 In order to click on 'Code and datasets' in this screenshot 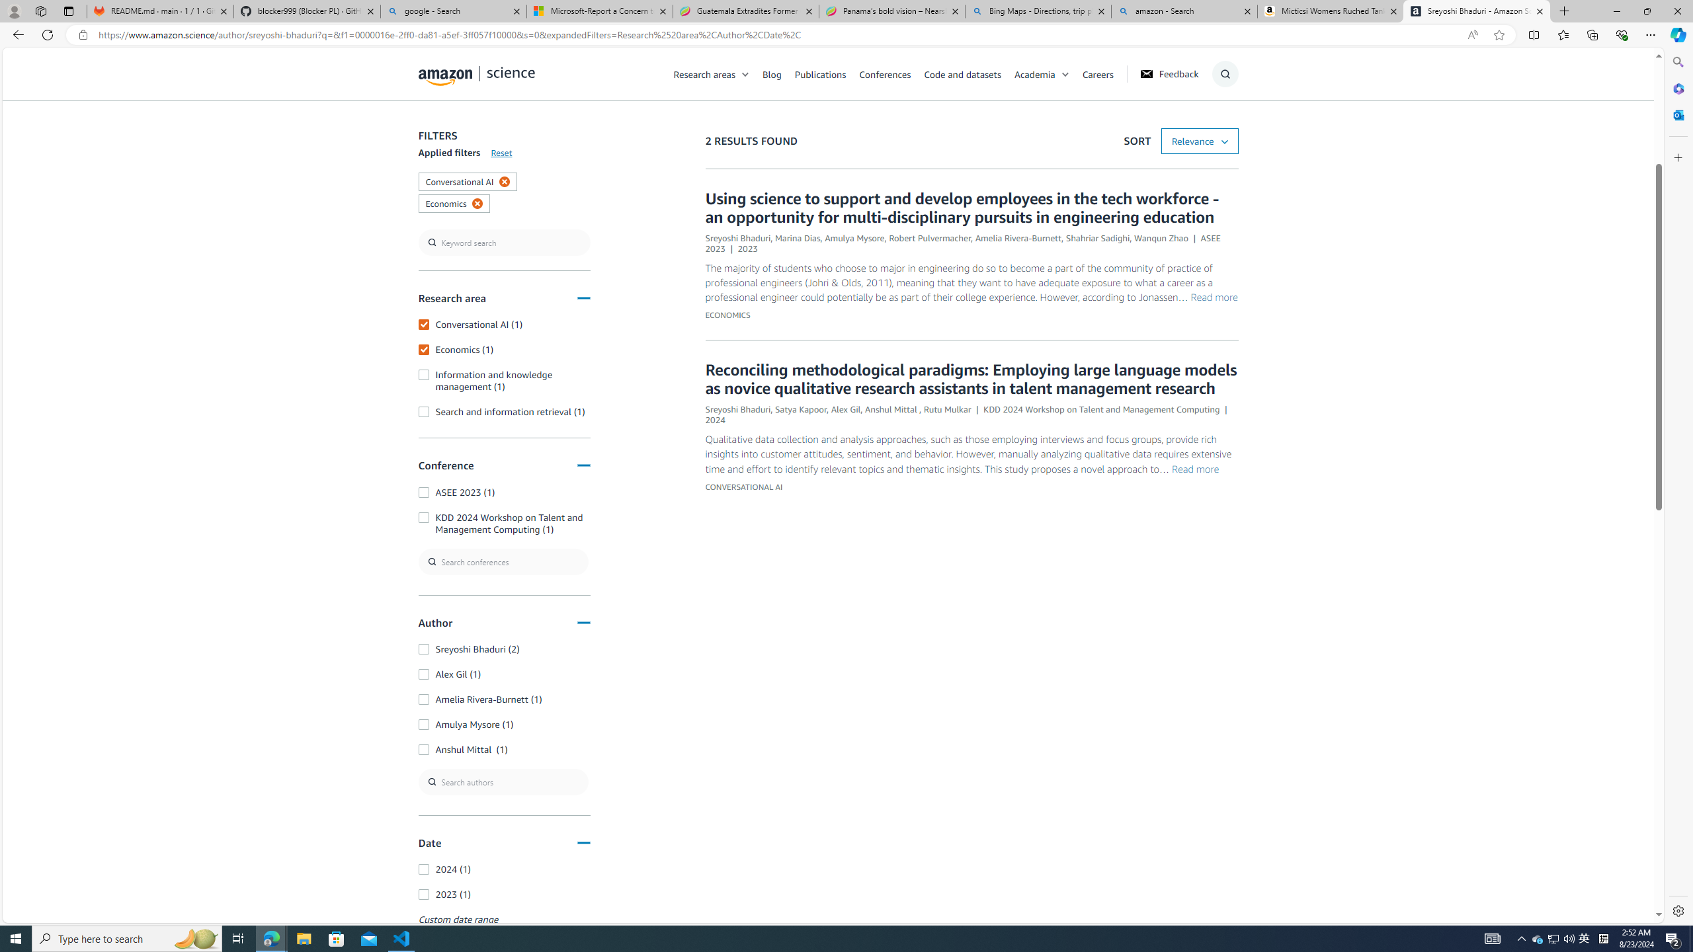, I will do `click(968, 73)`.